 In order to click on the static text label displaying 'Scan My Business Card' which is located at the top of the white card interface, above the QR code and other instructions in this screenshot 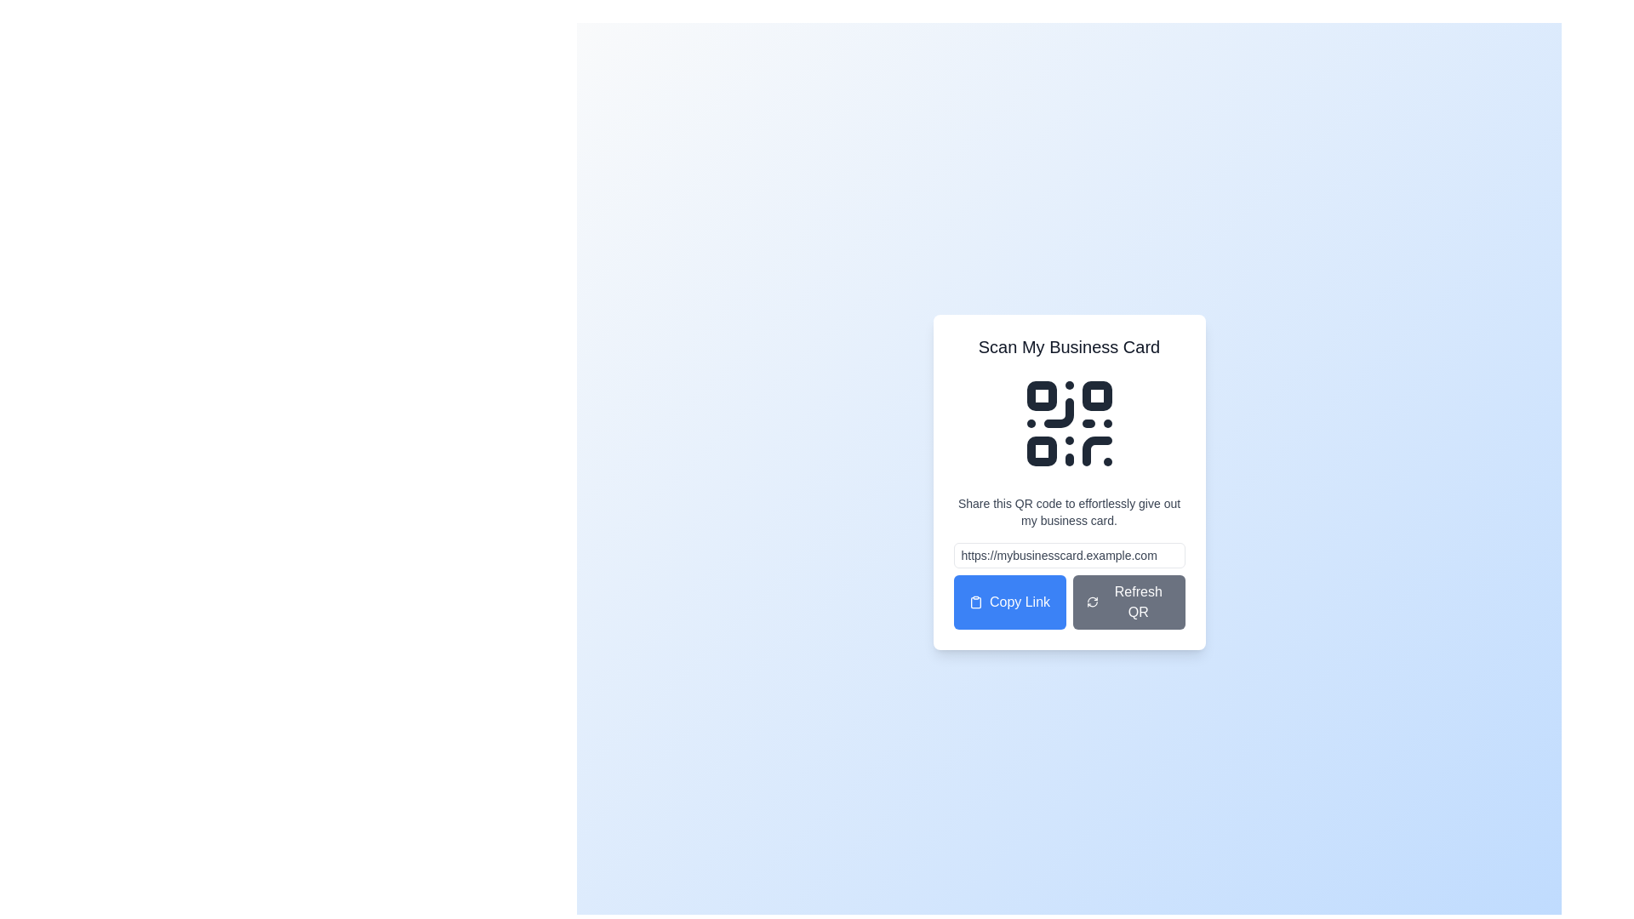, I will do `click(1068, 346)`.